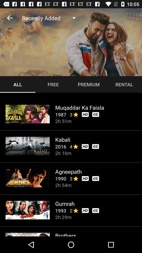  Describe the element at coordinates (95, 147) in the screenshot. I see `cc` at that location.